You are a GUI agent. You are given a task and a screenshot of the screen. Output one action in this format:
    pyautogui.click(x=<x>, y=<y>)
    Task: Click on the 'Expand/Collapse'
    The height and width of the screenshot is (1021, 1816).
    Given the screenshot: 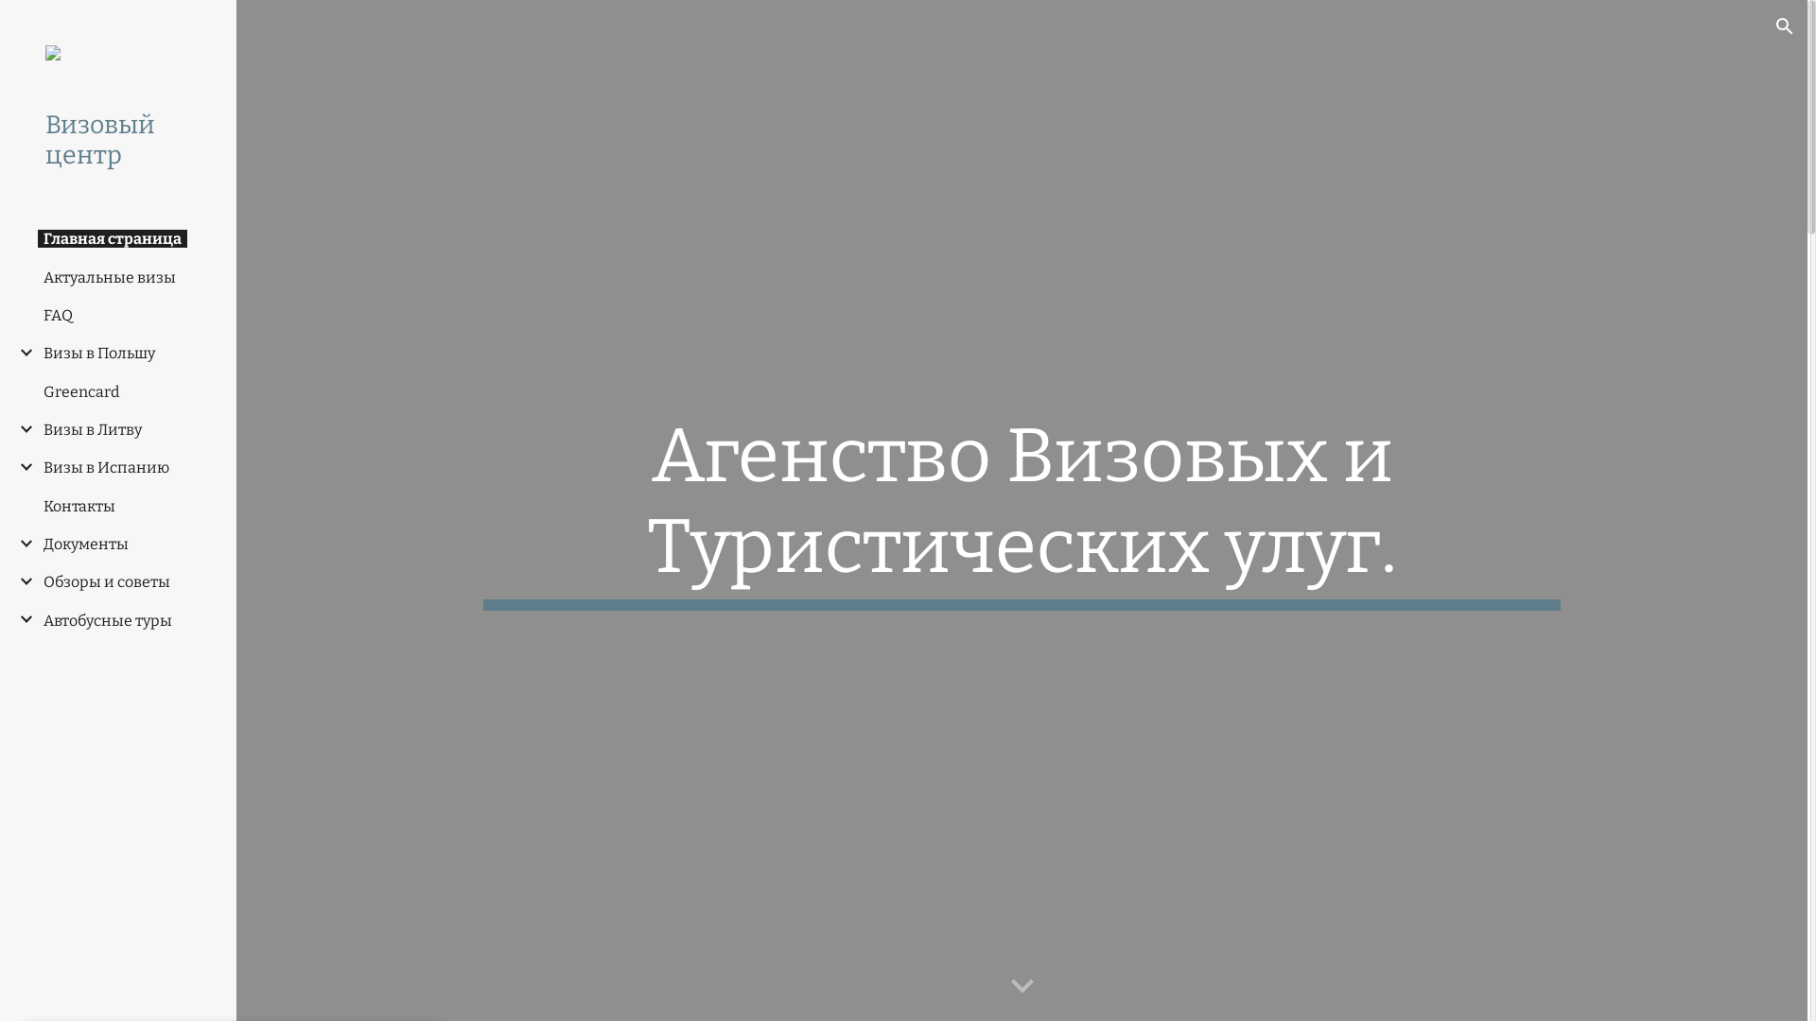 What is the action you would take?
    pyautogui.click(x=21, y=543)
    